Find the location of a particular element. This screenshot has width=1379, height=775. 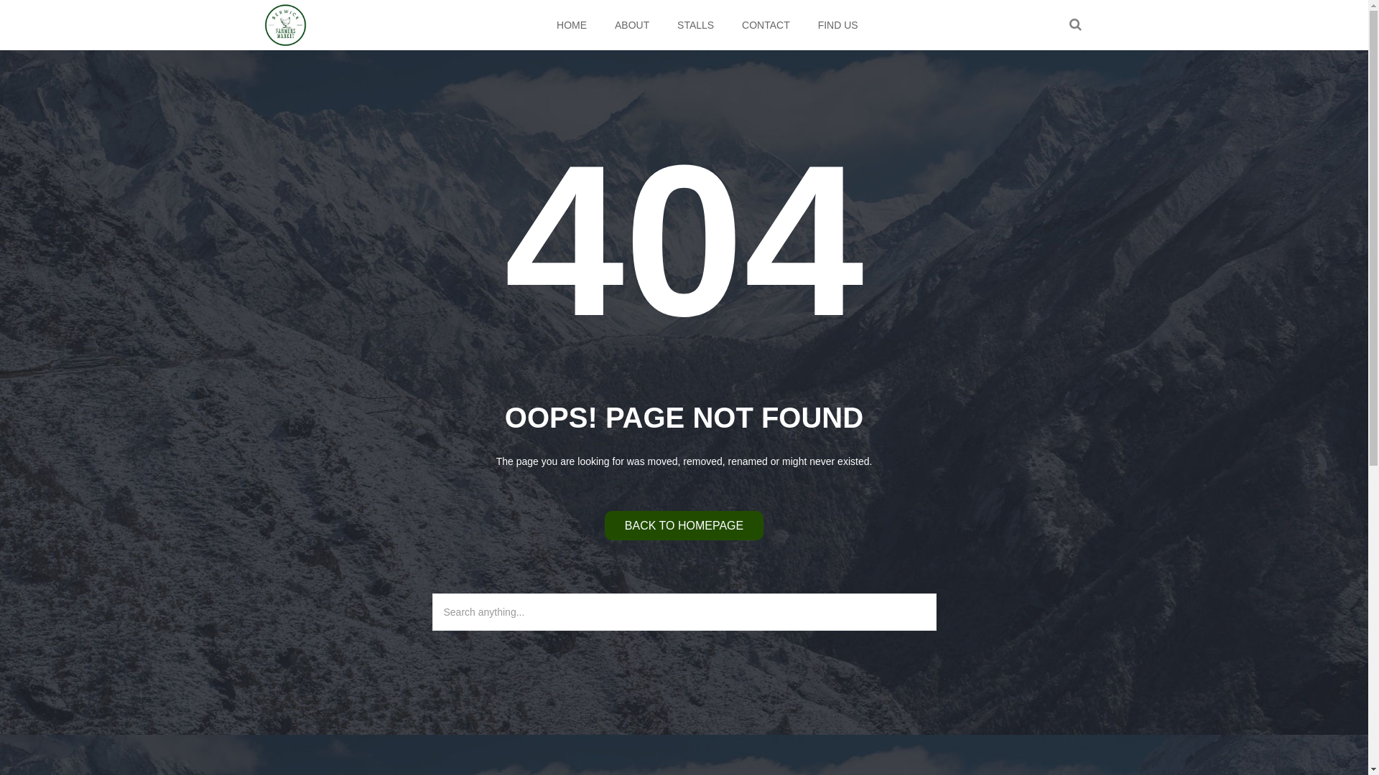

'CONTACT' is located at coordinates (765, 24).